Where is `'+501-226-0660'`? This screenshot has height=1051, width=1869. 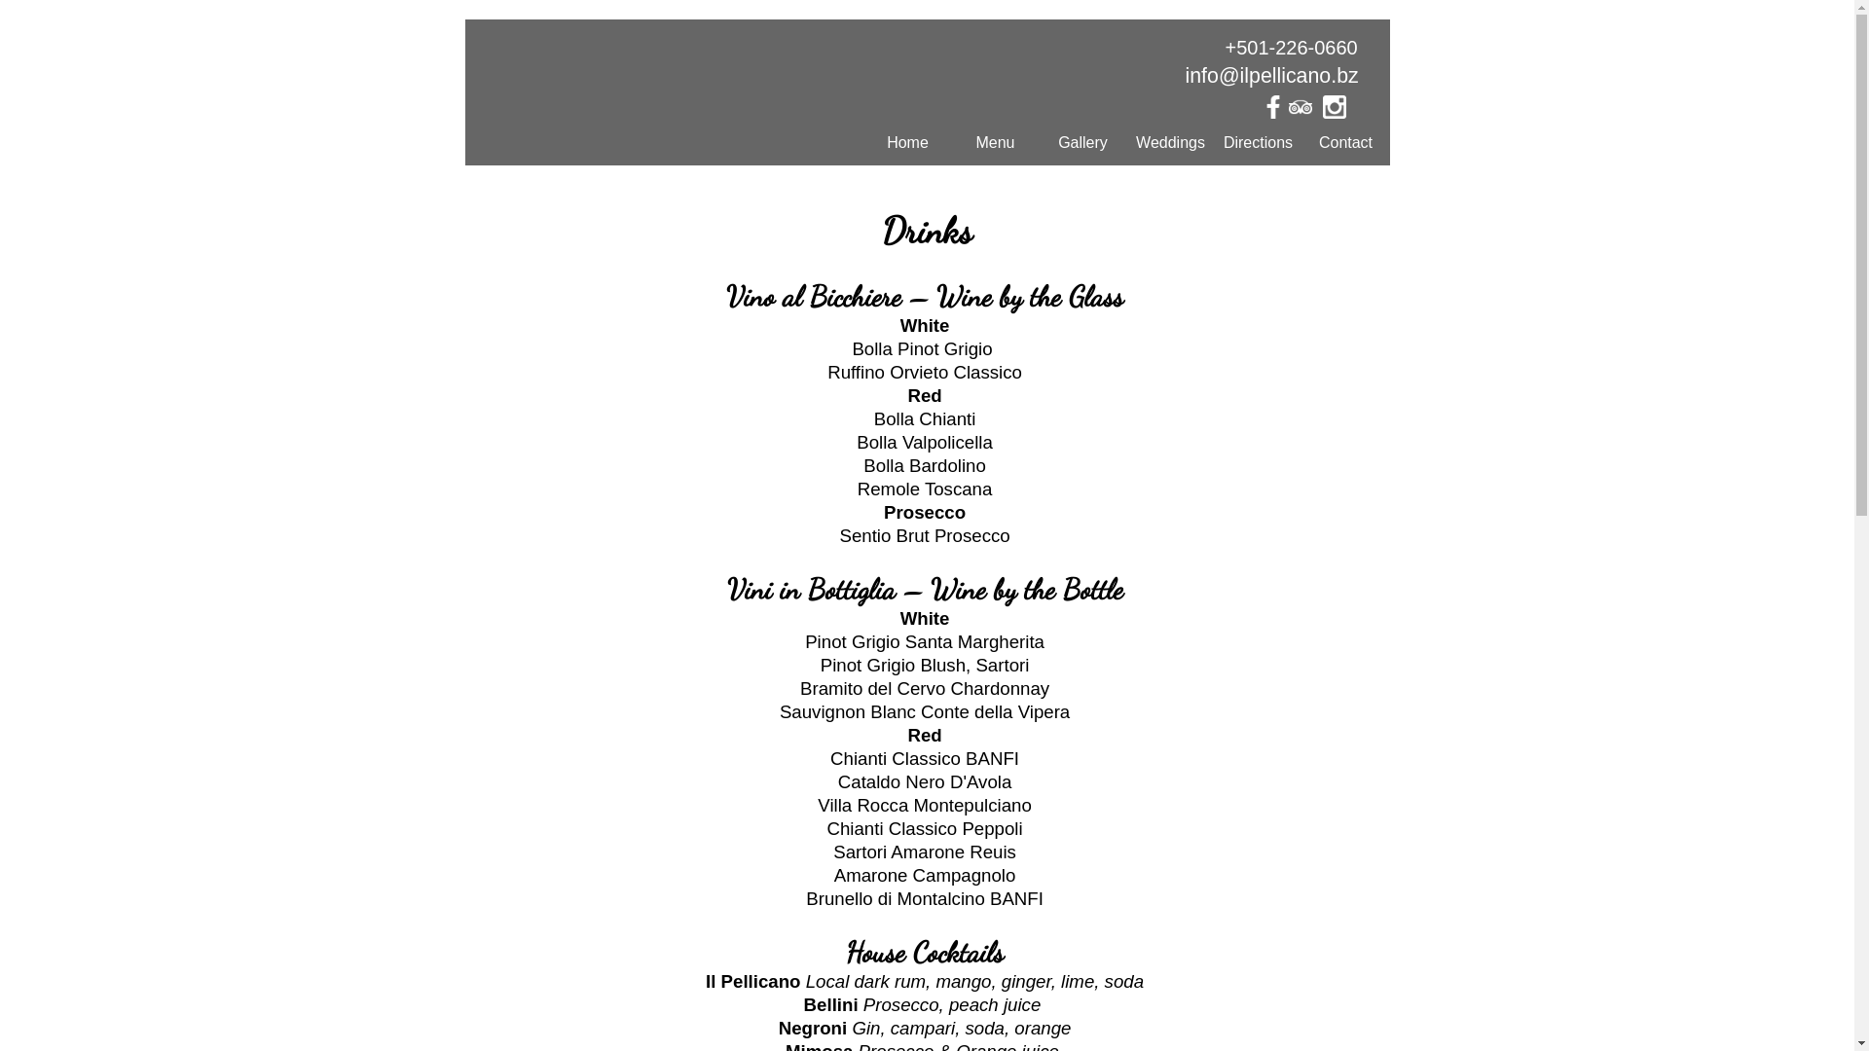 '+501-226-0660' is located at coordinates (1290, 47).